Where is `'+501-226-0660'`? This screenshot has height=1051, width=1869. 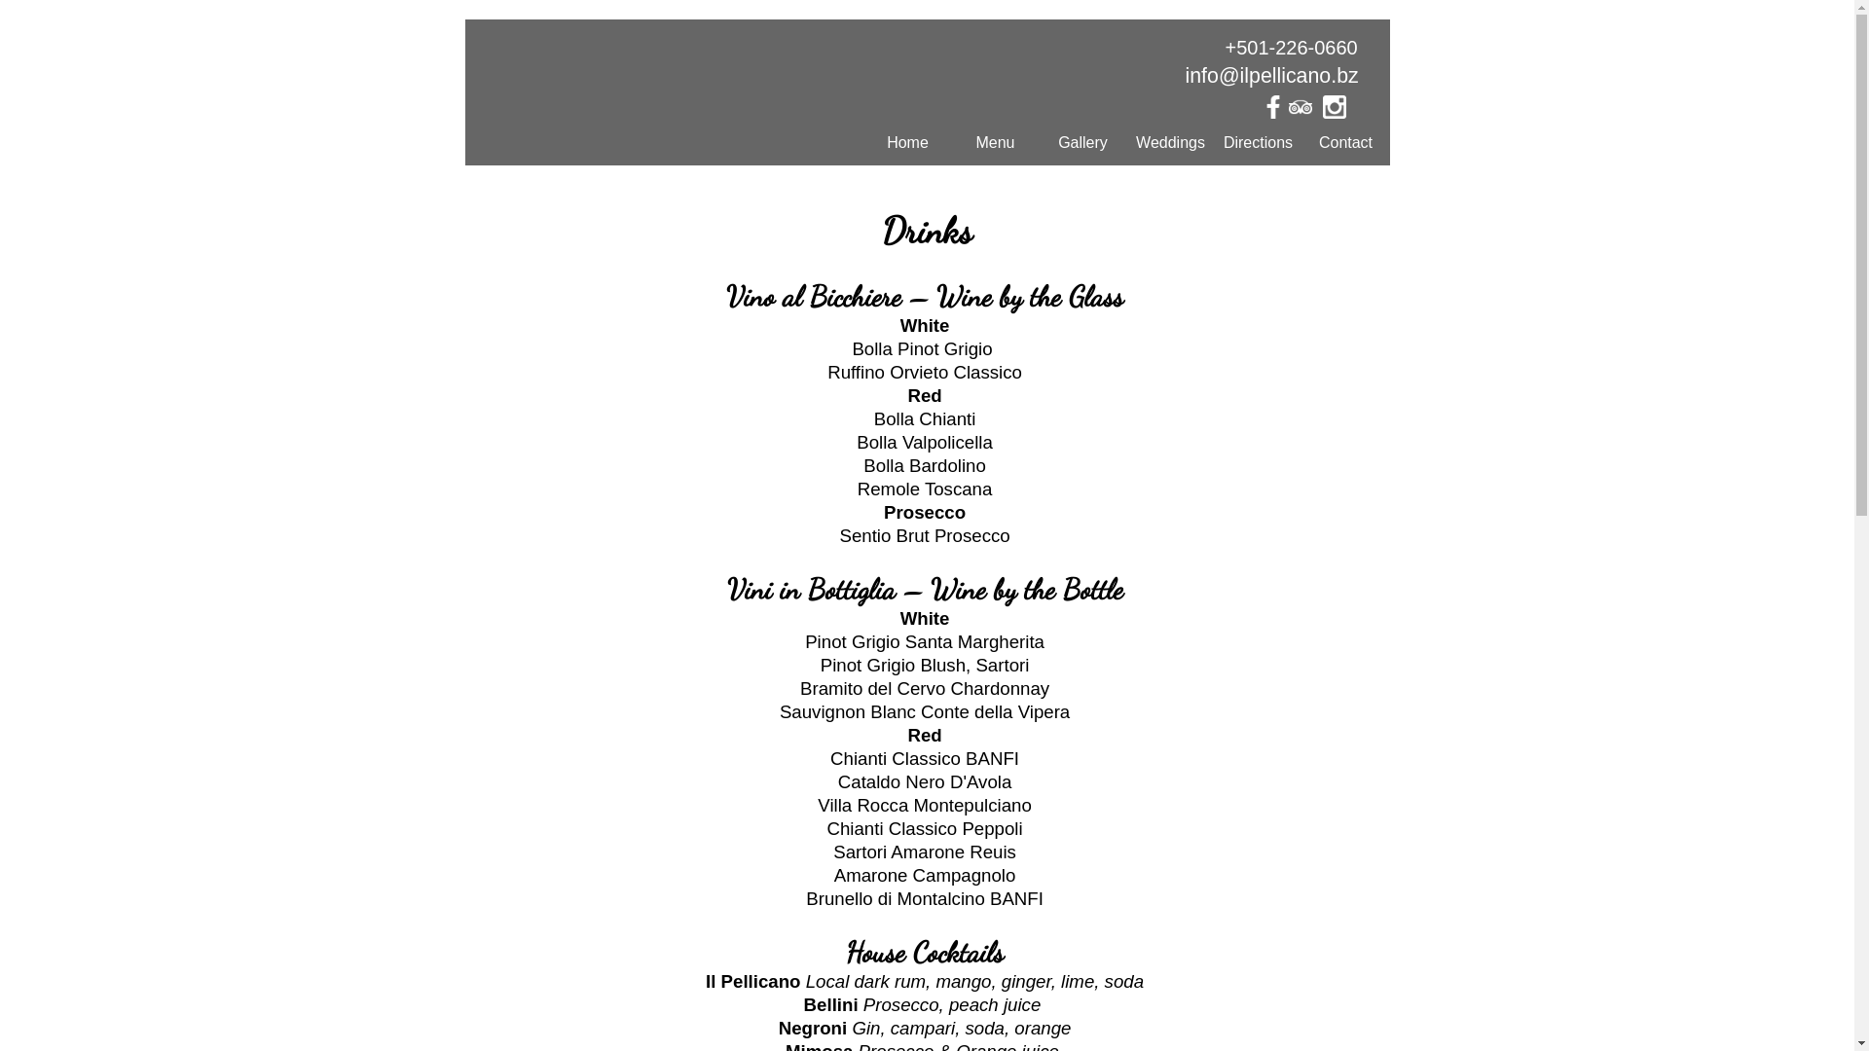 '+501-226-0660' is located at coordinates (1290, 47).